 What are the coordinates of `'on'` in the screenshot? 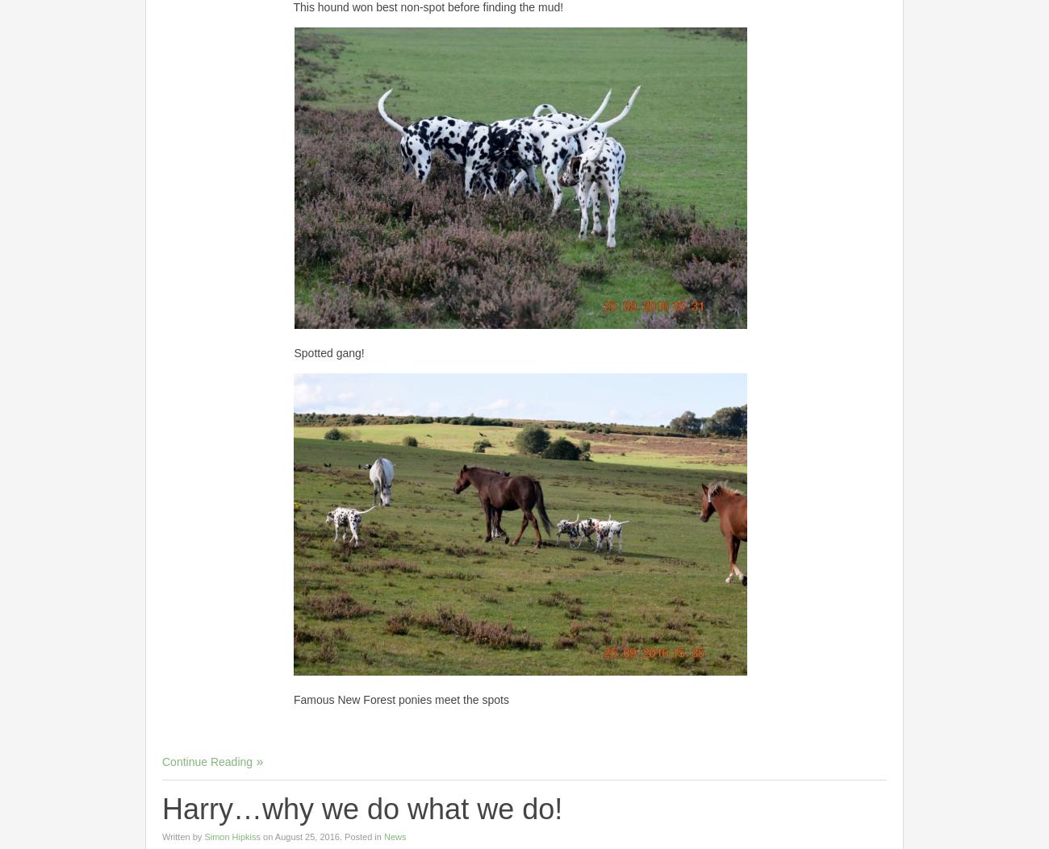 It's located at (261, 834).